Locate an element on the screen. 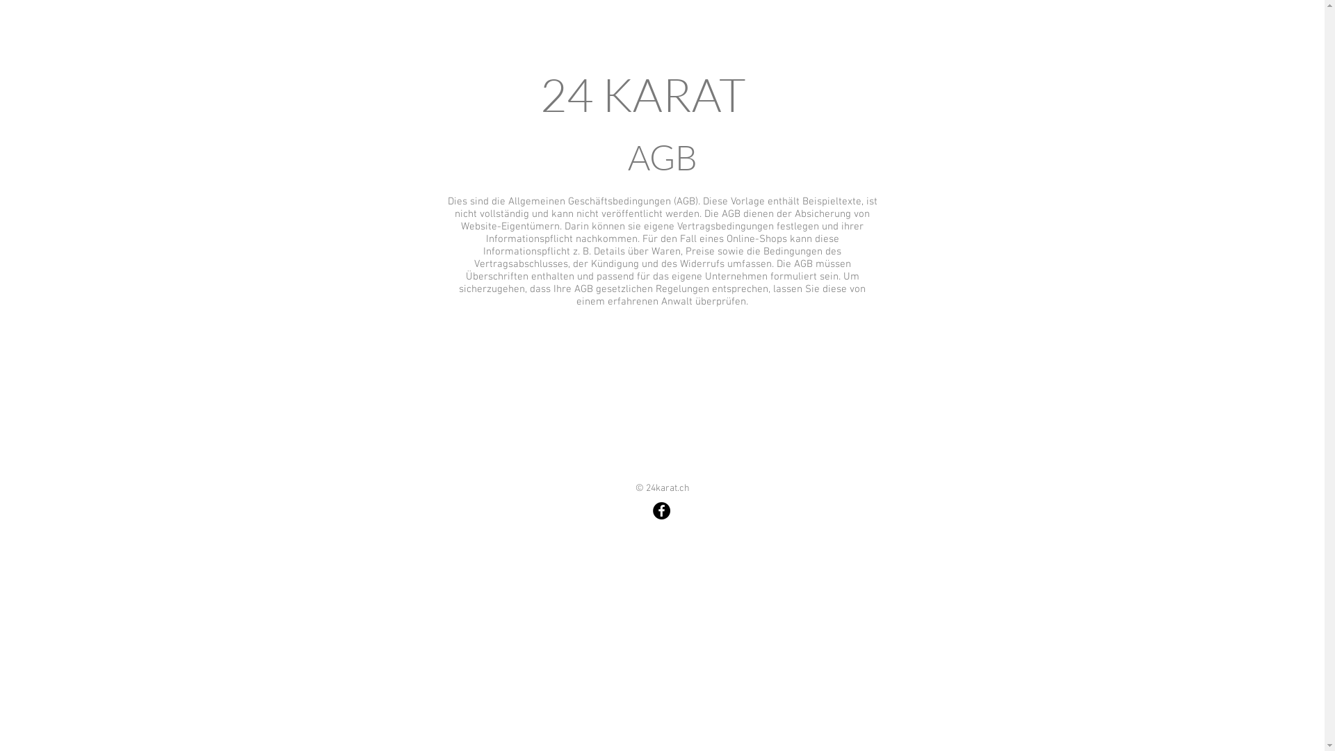 The width and height of the screenshot is (1335, 751). '24 KARAT' is located at coordinates (642, 94).